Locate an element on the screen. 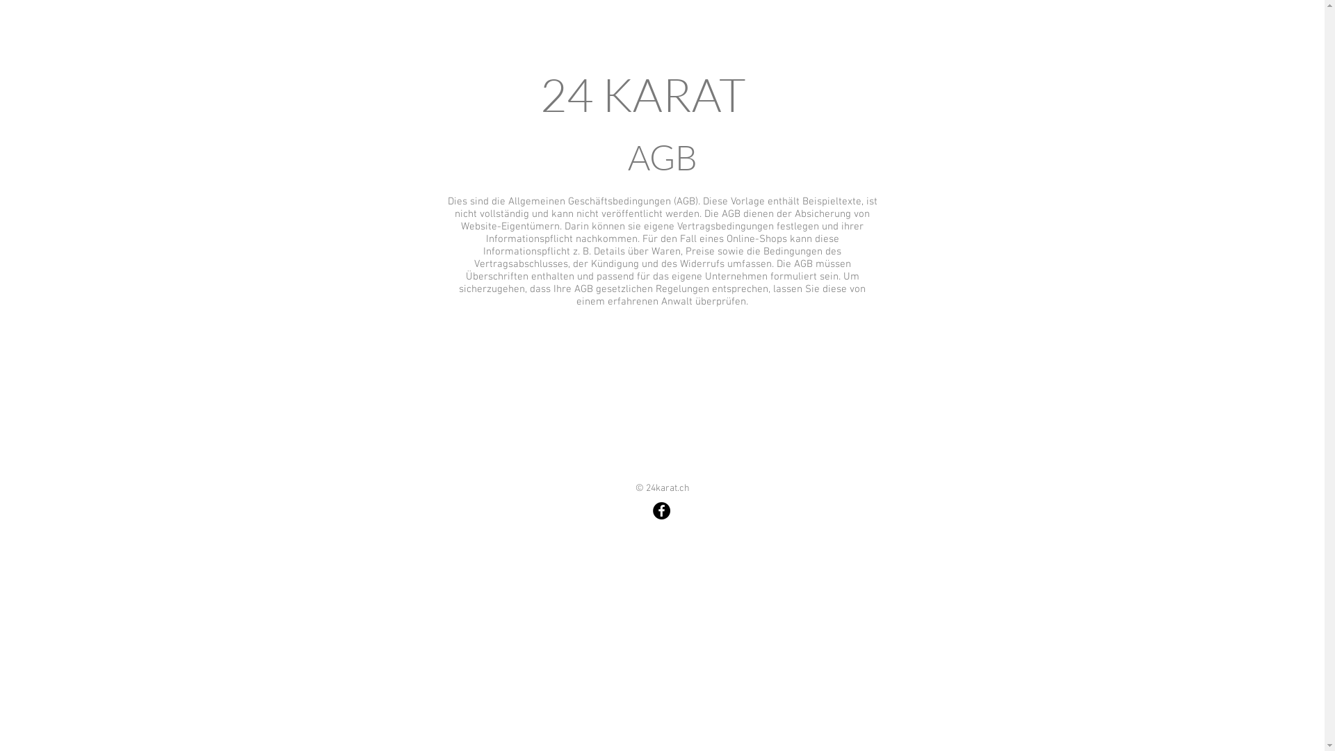 The width and height of the screenshot is (1335, 751). '24 KARAT' is located at coordinates (642, 94).